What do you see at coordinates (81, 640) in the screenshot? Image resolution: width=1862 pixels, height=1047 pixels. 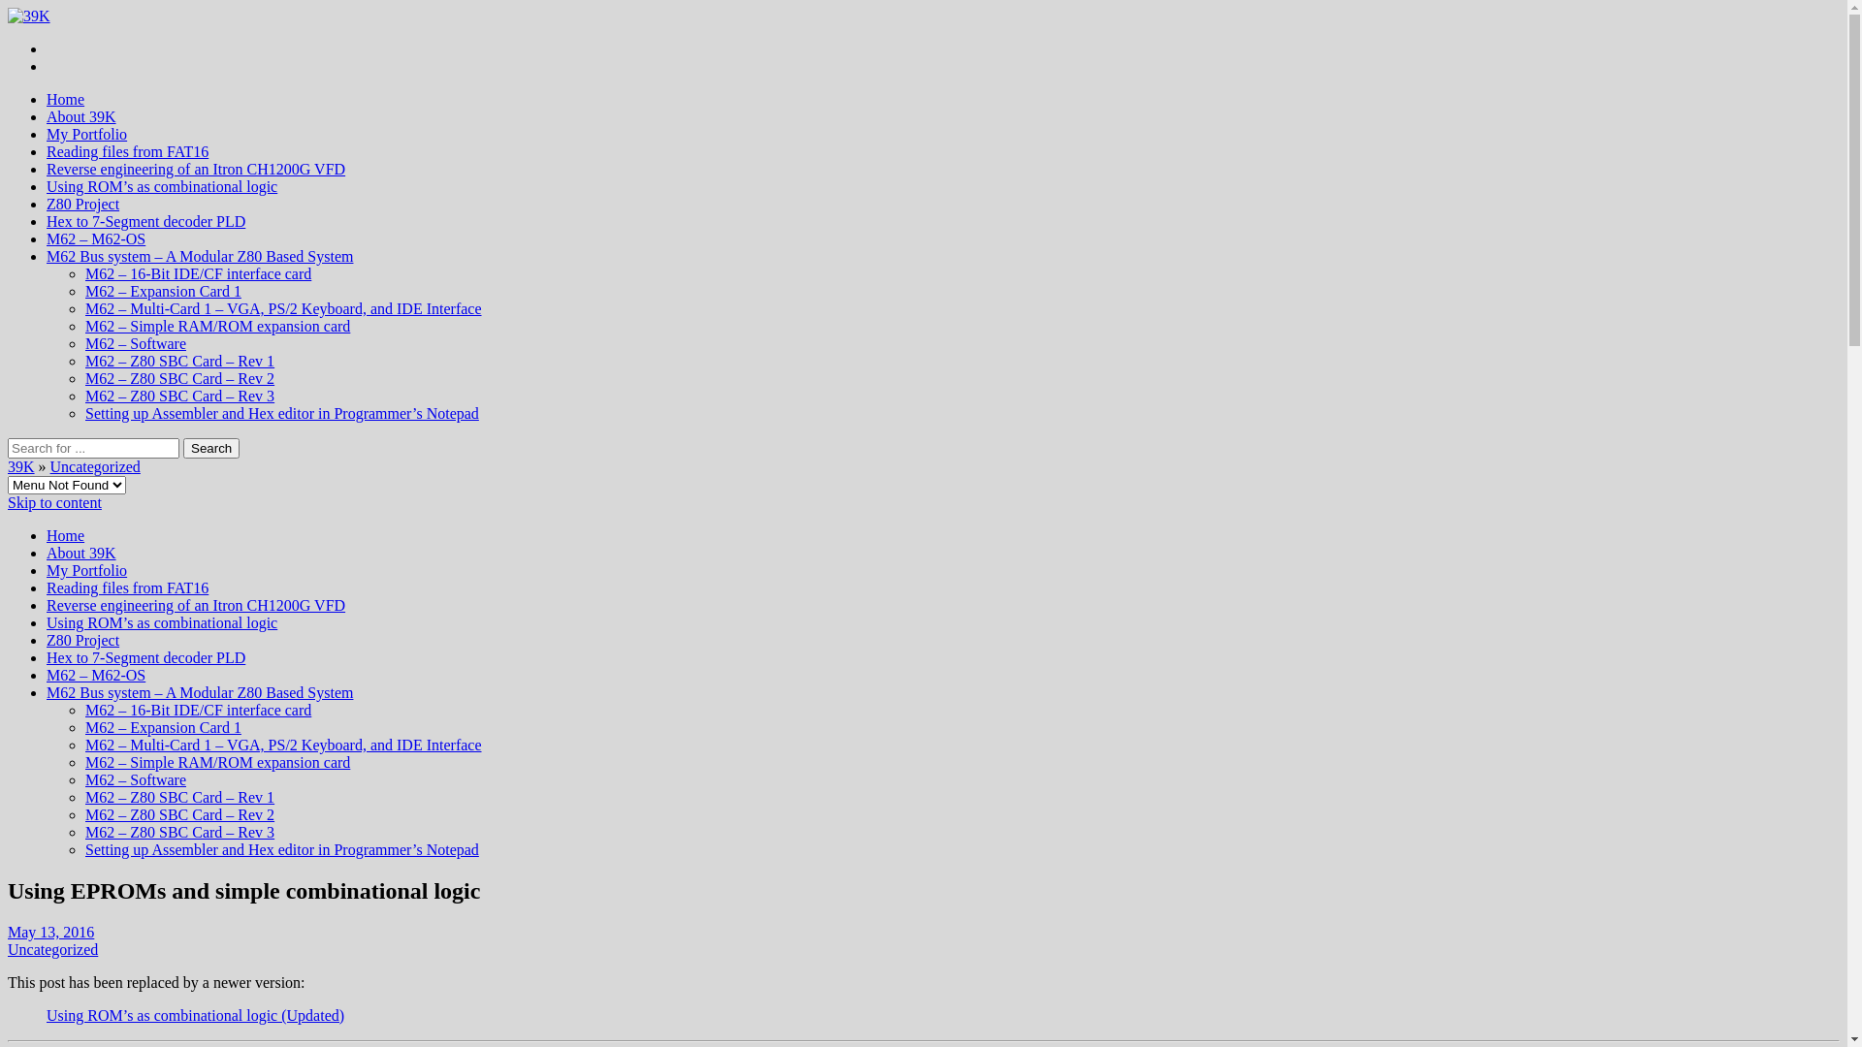 I see `'Z80 Project'` at bounding box center [81, 640].